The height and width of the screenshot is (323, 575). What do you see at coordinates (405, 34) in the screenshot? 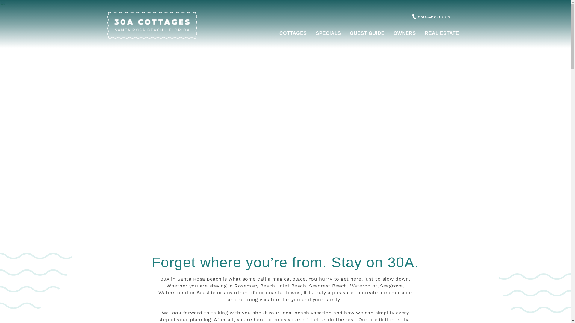
I see `'OWNERS'` at bounding box center [405, 34].